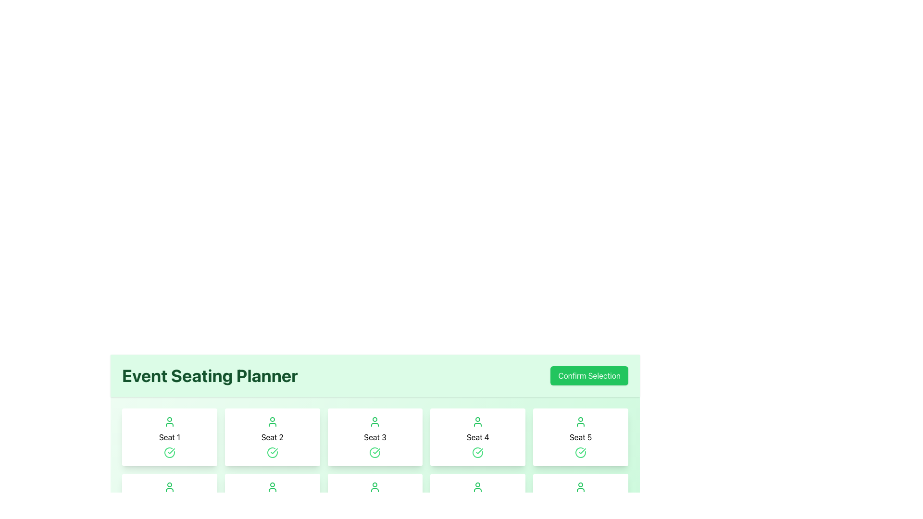  Describe the element at coordinates (478, 487) in the screenshot. I see `the green user silhouette icon located in the 'Seat 9' box, positioned in the second row and fifth column of the layout` at that location.